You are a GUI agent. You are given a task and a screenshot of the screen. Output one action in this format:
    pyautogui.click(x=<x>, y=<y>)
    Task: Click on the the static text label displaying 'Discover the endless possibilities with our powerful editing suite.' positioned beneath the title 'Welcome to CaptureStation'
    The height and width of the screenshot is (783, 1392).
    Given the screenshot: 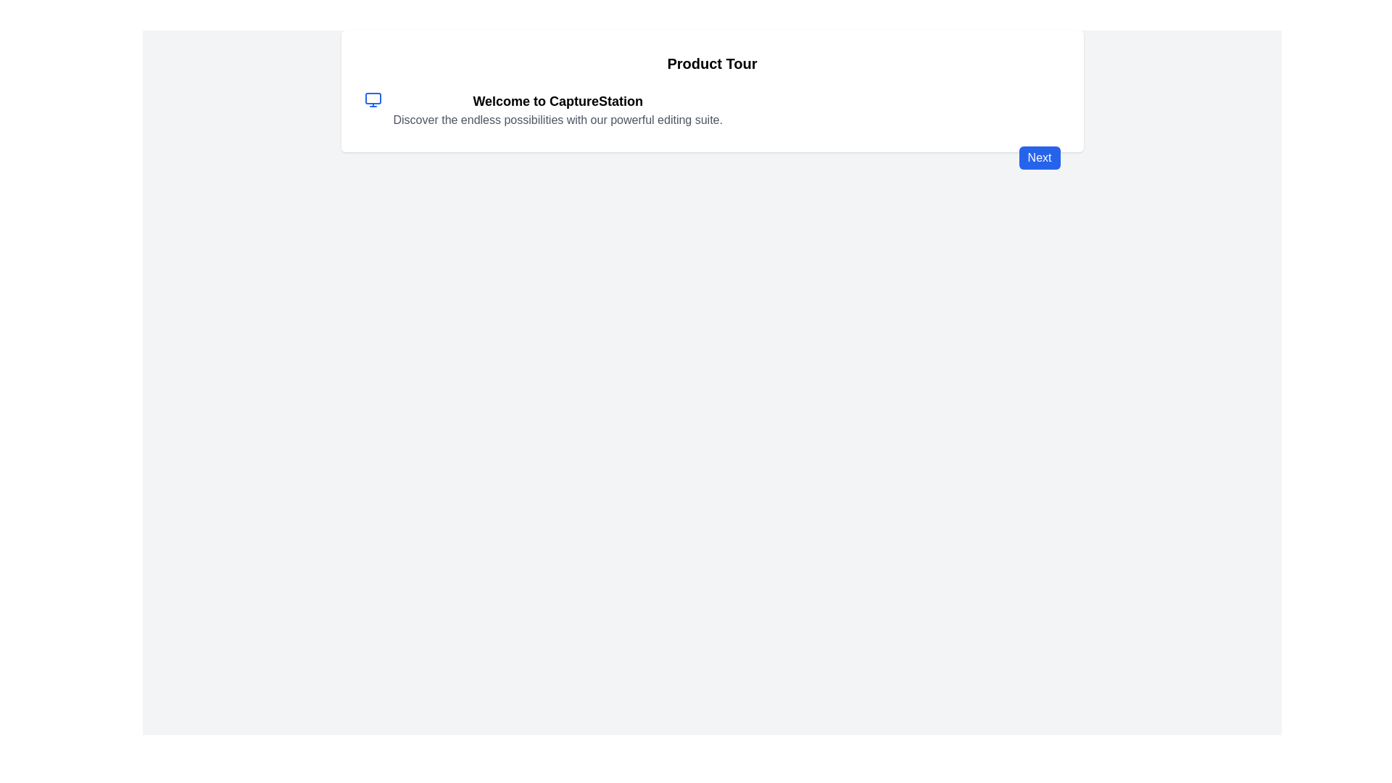 What is the action you would take?
    pyautogui.click(x=557, y=119)
    